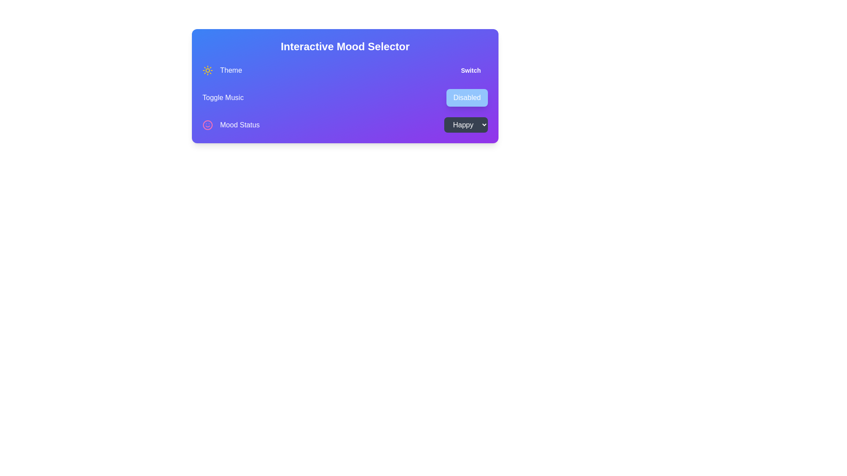  What do you see at coordinates (207, 124) in the screenshot?
I see `properties of the pink circular SVG element representing a smiling face, which is part of the 'Mood Status' indicator` at bounding box center [207, 124].